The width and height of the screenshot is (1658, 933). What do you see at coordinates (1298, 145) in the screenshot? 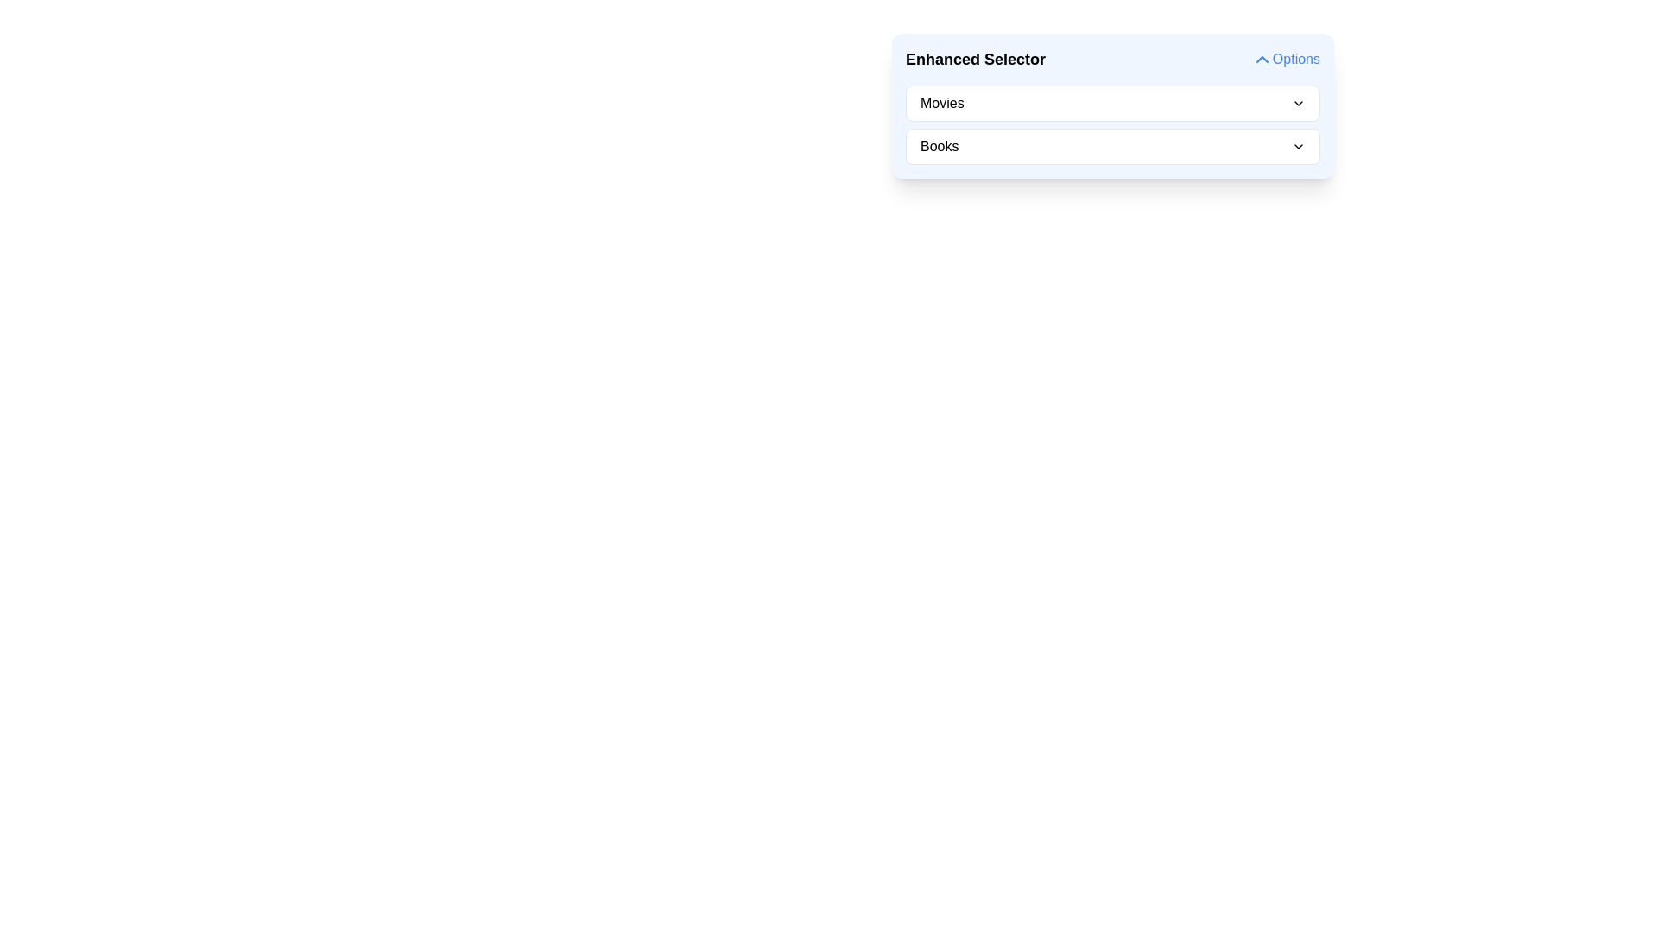
I see `the downward-facing chevron icon located at the far right of the 'Books' button` at bounding box center [1298, 145].